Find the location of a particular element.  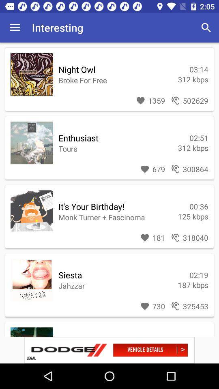

click on advertisement is located at coordinates (109, 350).